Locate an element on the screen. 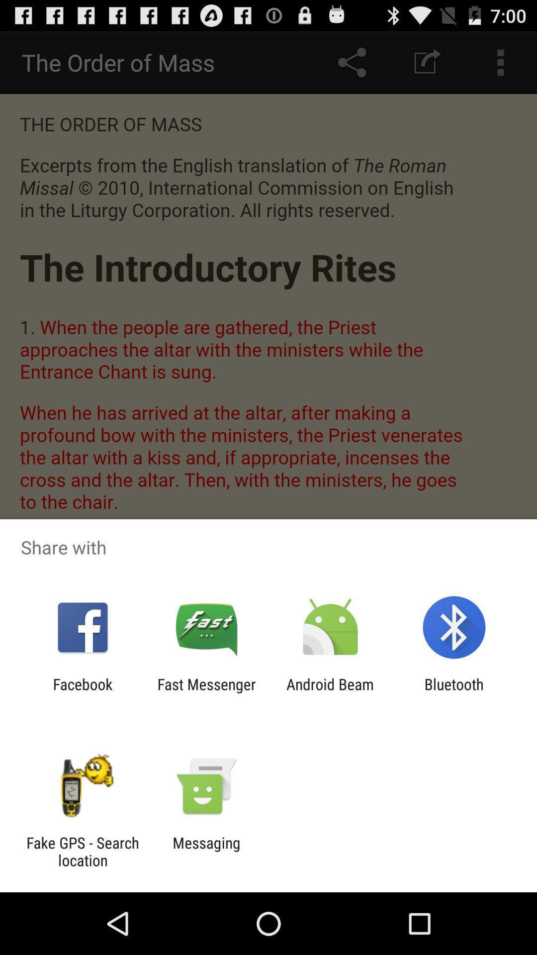  the icon to the left of the messaging is located at coordinates (82, 851).